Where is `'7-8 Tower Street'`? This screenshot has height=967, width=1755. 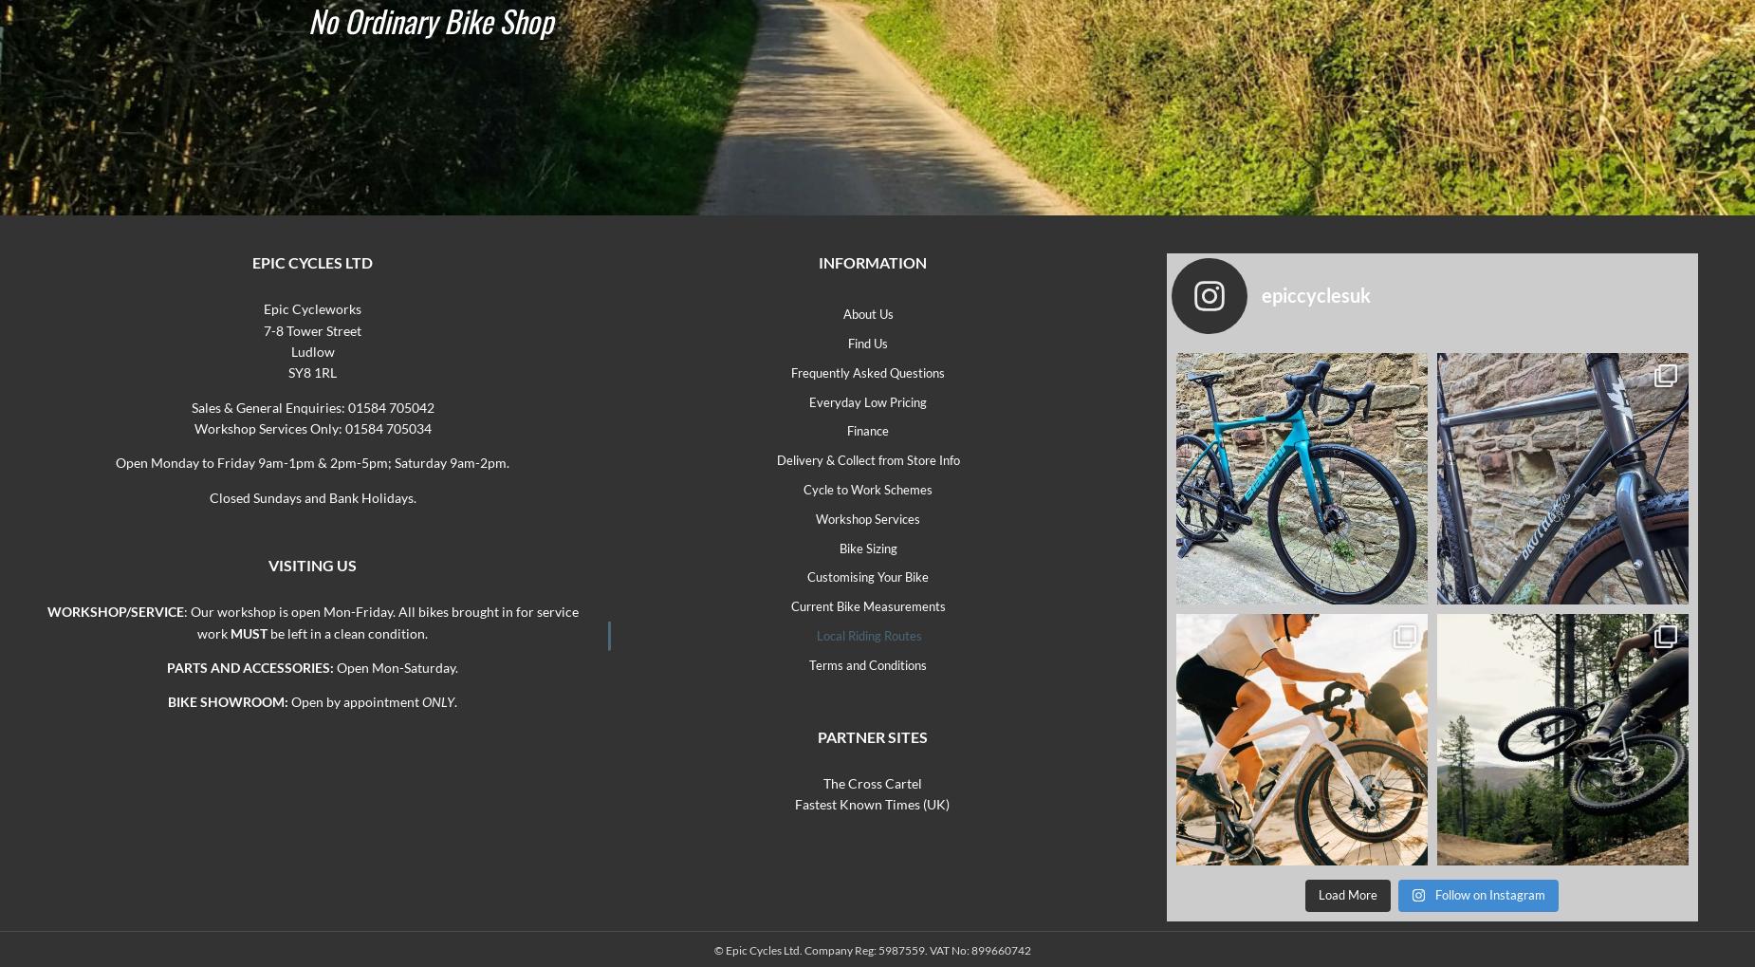
'7-8 Tower Street' is located at coordinates (311, 329).